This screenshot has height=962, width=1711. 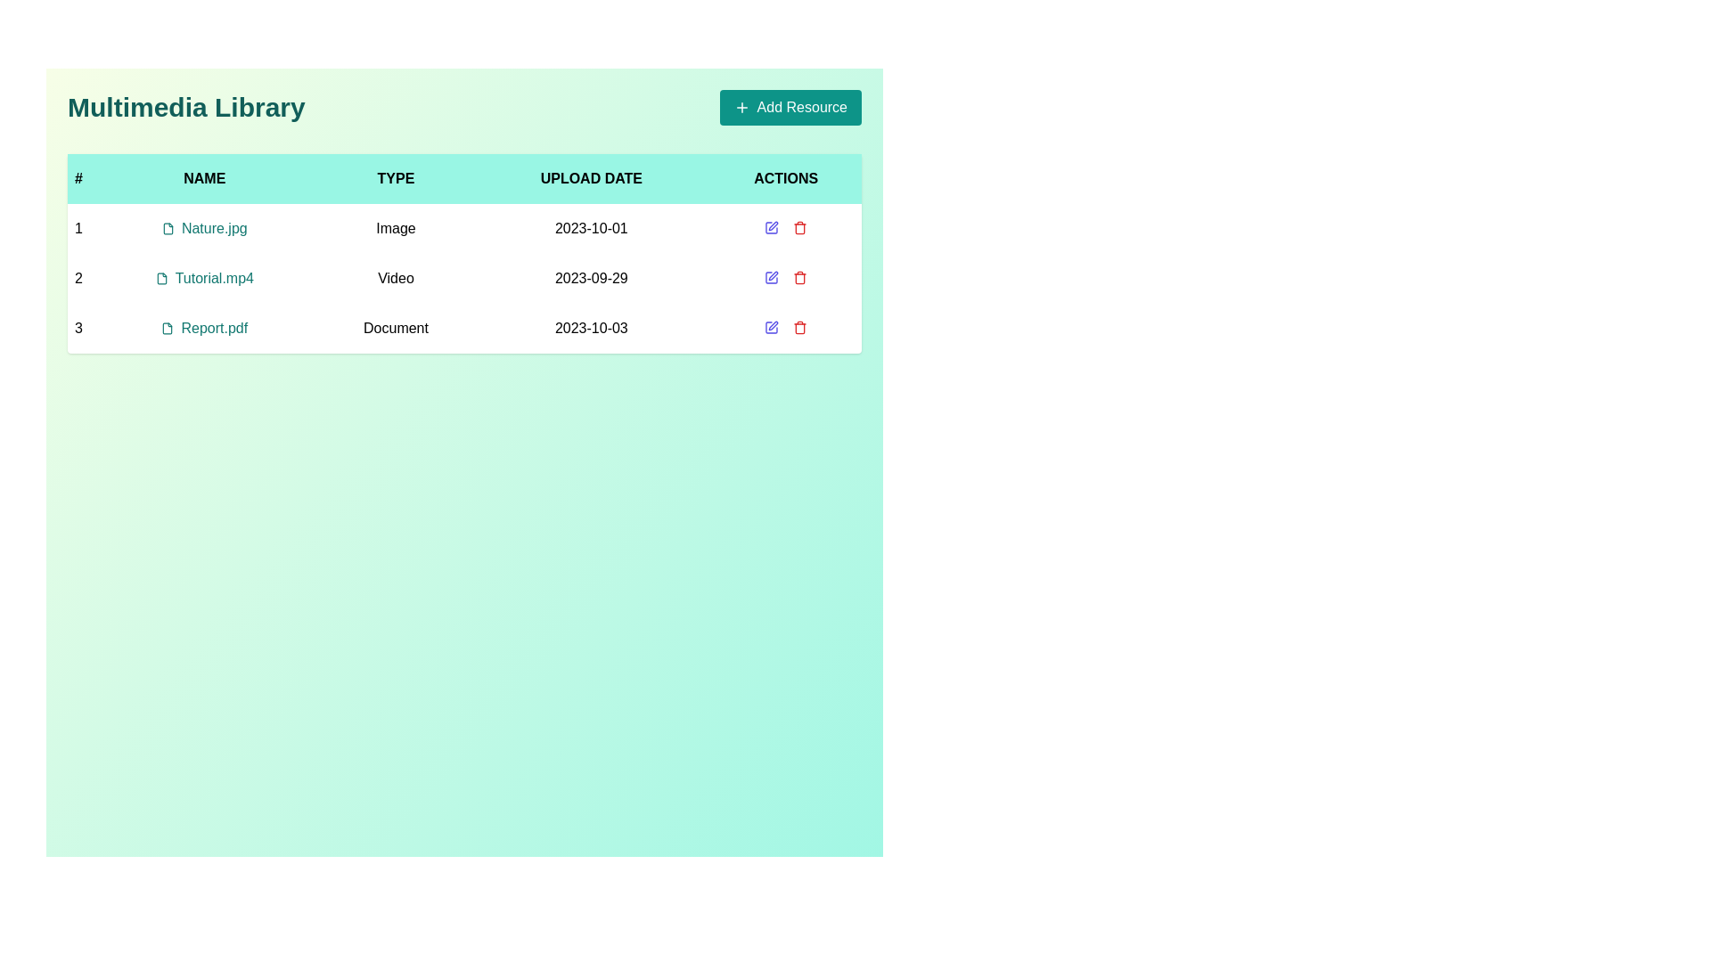 I want to click on the text label displaying 'Report.pdf' in teal color, located in the third row under the 'NAME' column of the table, so click(x=204, y=329).